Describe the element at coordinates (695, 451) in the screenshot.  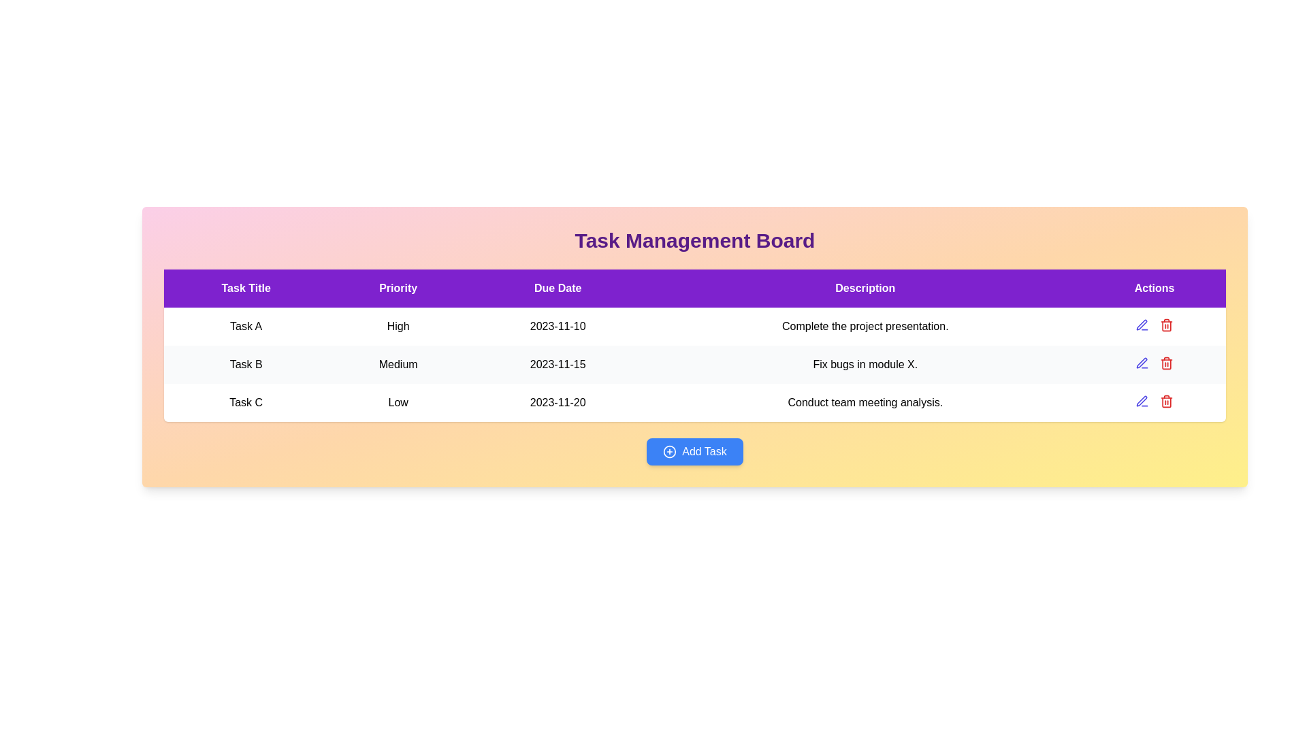
I see `the button located at the bottom center of the 'Task Management Board' section to initiate the action of adding a new task` at that location.